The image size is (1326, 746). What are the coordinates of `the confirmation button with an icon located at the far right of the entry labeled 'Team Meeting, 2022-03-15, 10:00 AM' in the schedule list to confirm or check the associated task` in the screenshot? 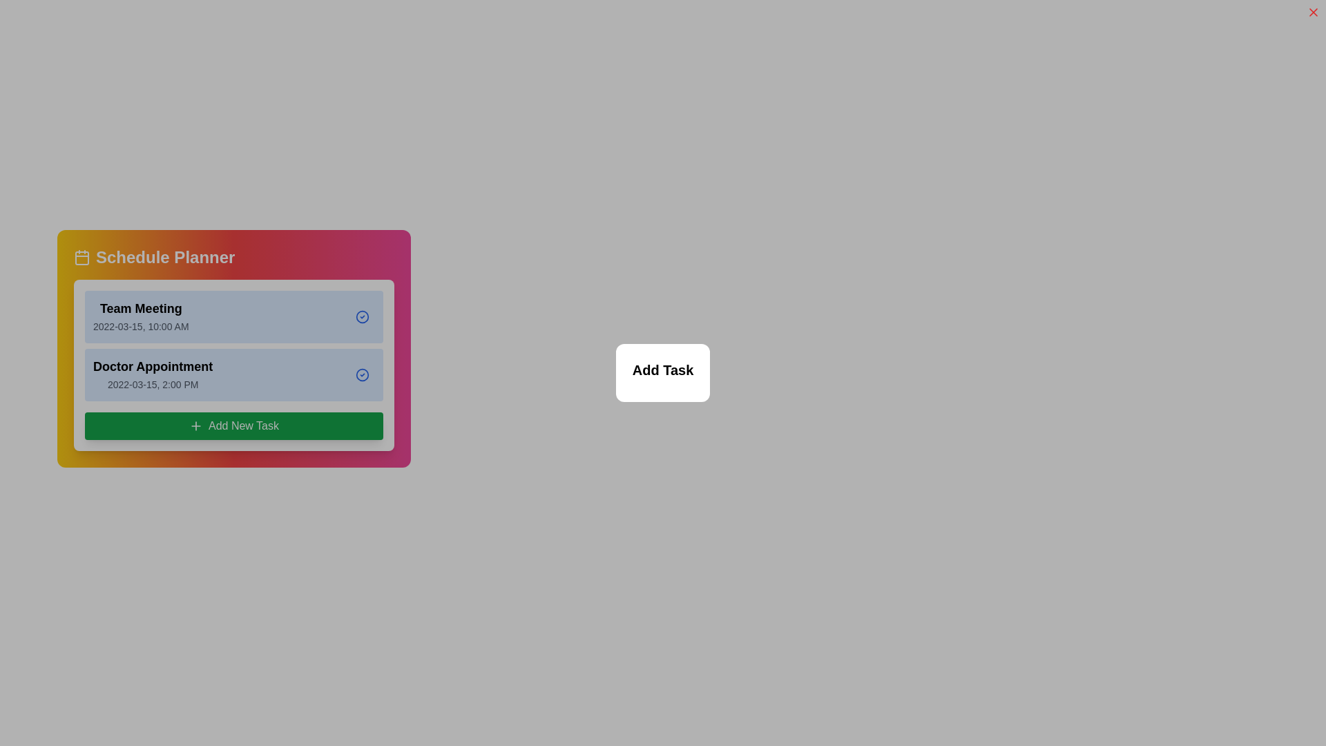 It's located at (362, 317).